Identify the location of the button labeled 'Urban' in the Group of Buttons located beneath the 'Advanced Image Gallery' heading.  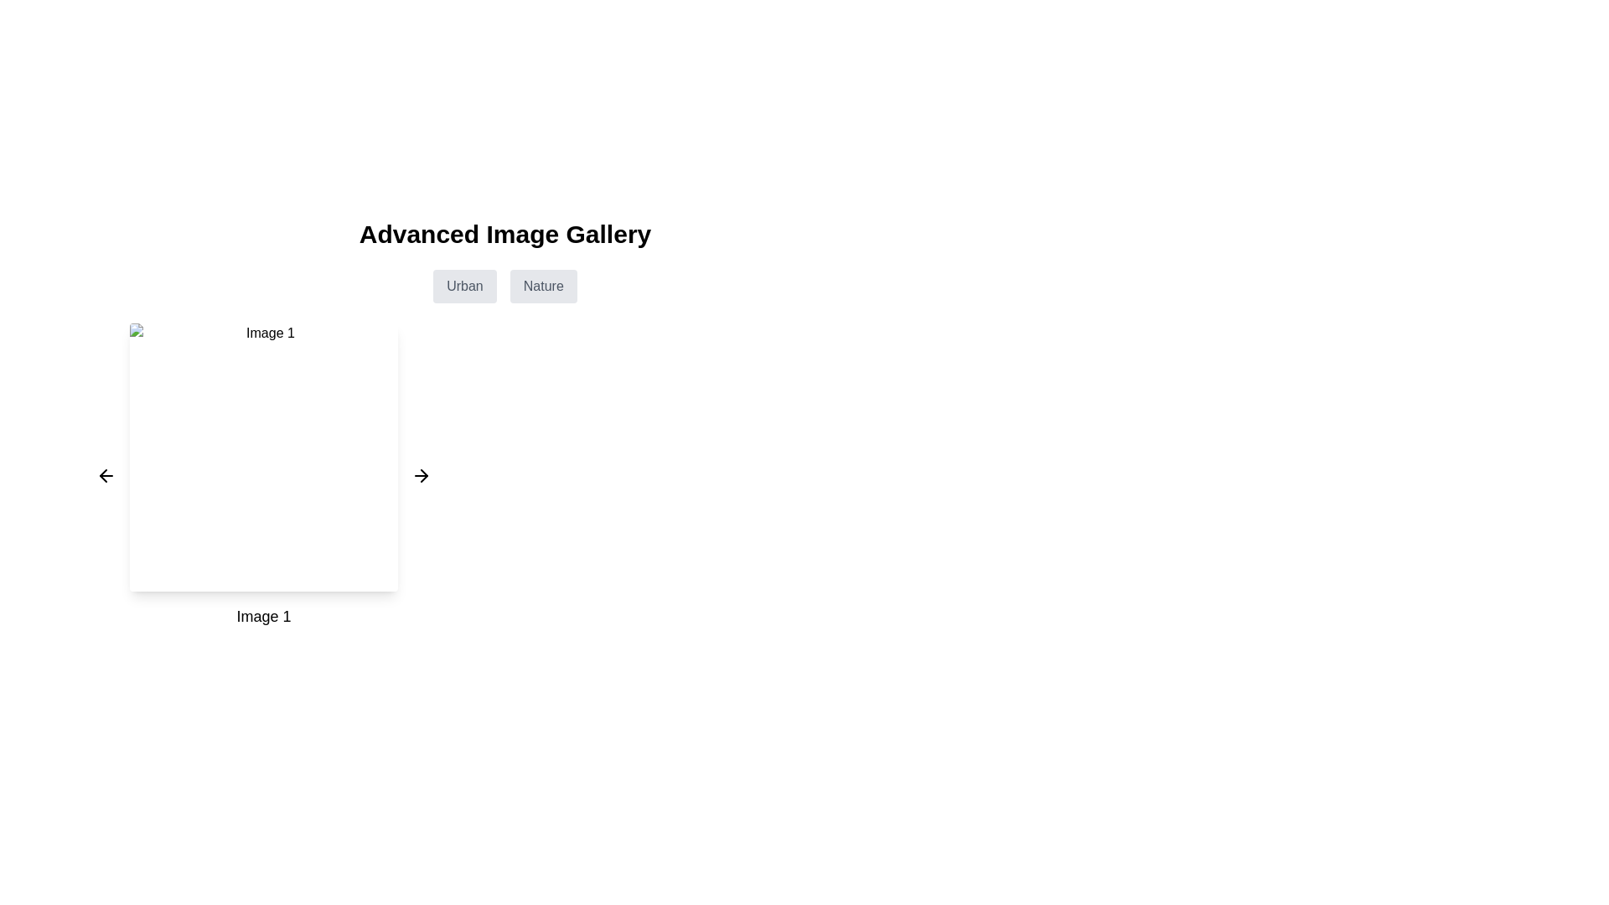
(504, 286).